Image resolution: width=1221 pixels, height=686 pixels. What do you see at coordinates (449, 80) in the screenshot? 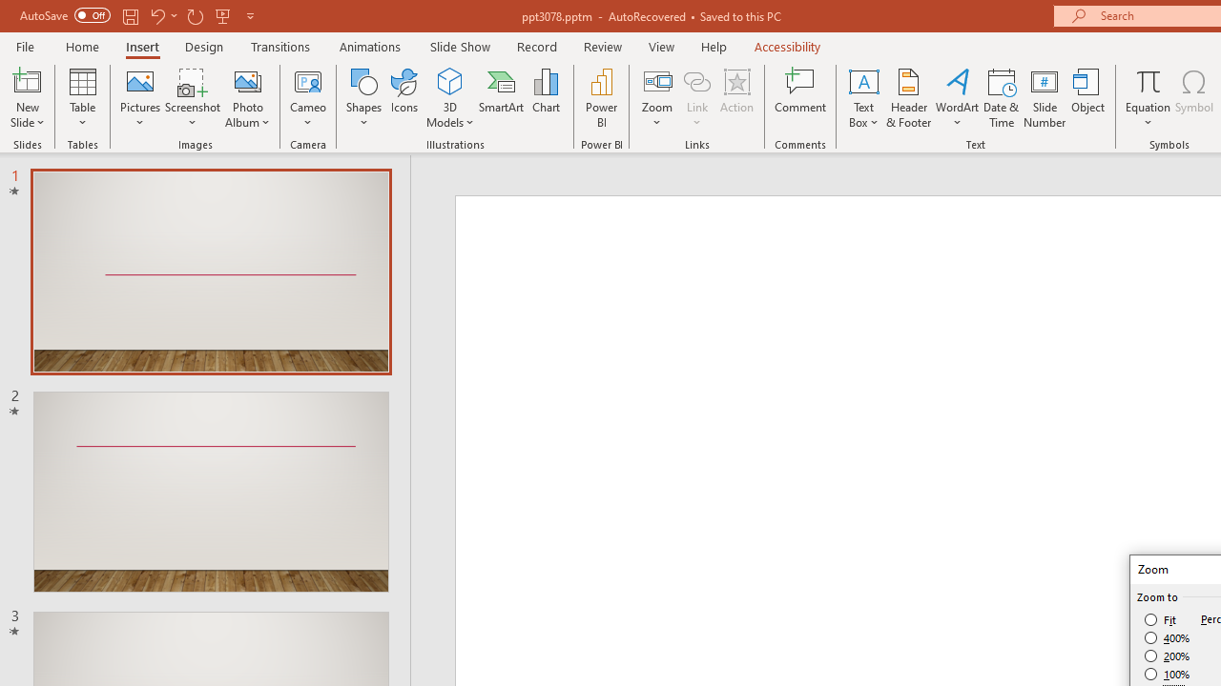
I see `'3D Models'` at bounding box center [449, 80].